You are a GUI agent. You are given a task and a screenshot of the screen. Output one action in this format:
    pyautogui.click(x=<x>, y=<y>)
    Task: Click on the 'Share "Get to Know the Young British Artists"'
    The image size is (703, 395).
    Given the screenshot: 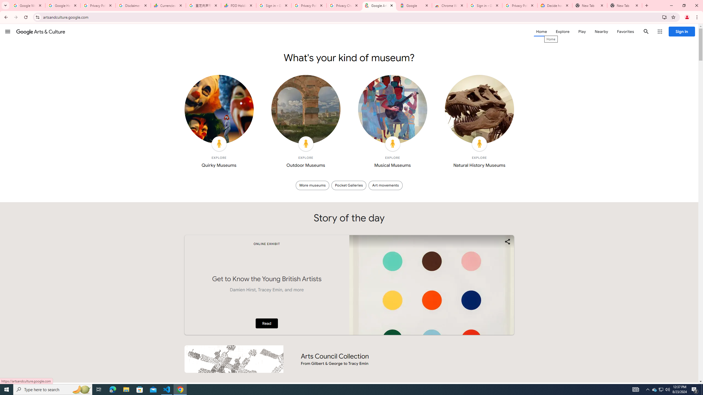 What is the action you would take?
    pyautogui.click(x=507, y=241)
    